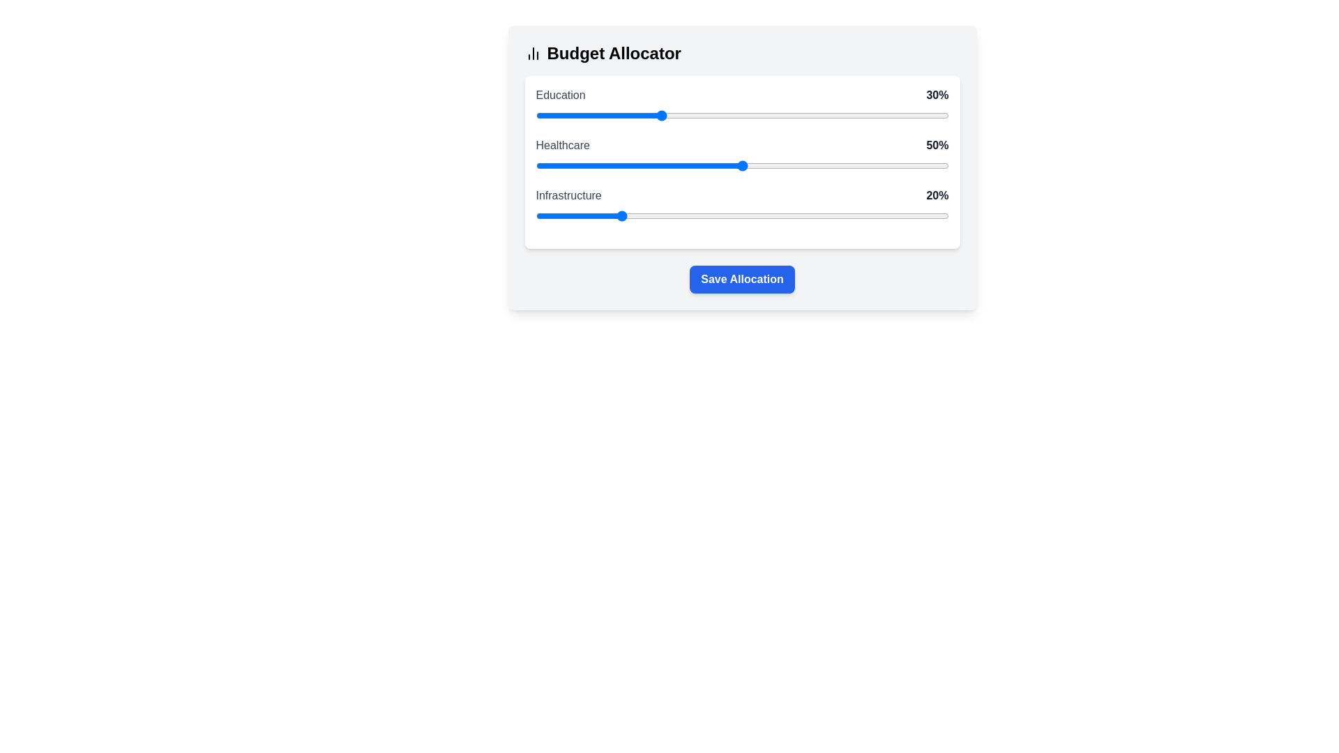  Describe the element at coordinates (890, 114) in the screenshot. I see `the education slider` at that location.